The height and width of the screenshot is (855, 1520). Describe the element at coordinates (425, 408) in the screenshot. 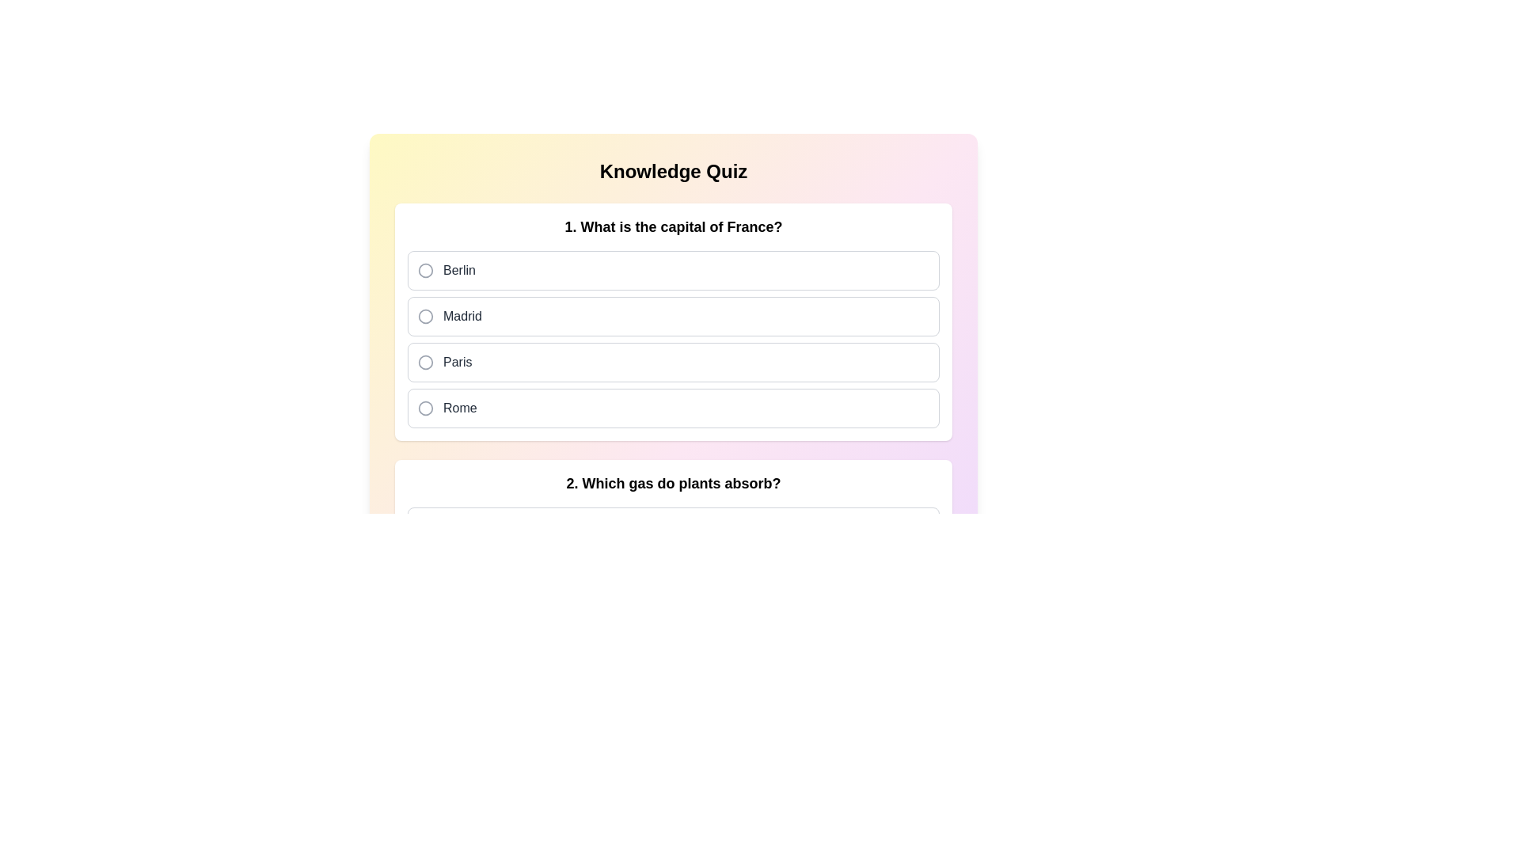

I see `the circular icon indicating the 'Rome' answer option for the question 'What is the capital of France?' if it is enabled` at that location.